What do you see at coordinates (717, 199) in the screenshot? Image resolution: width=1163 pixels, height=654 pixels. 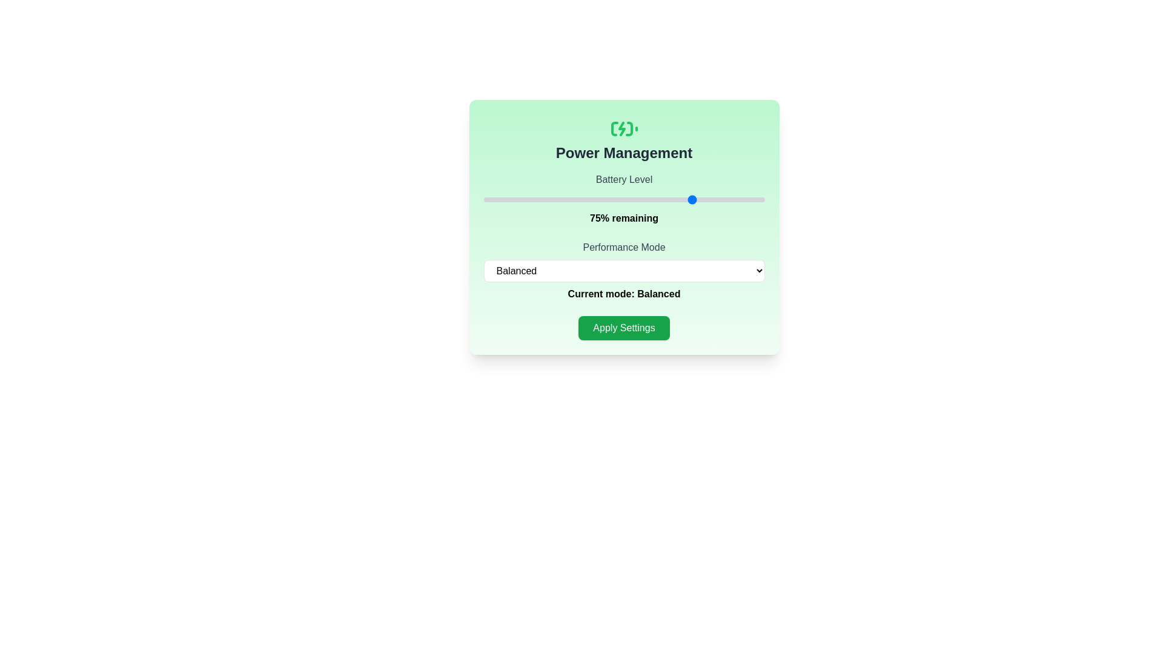 I see `the battery level to 83% by interacting with the slider` at bounding box center [717, 199].